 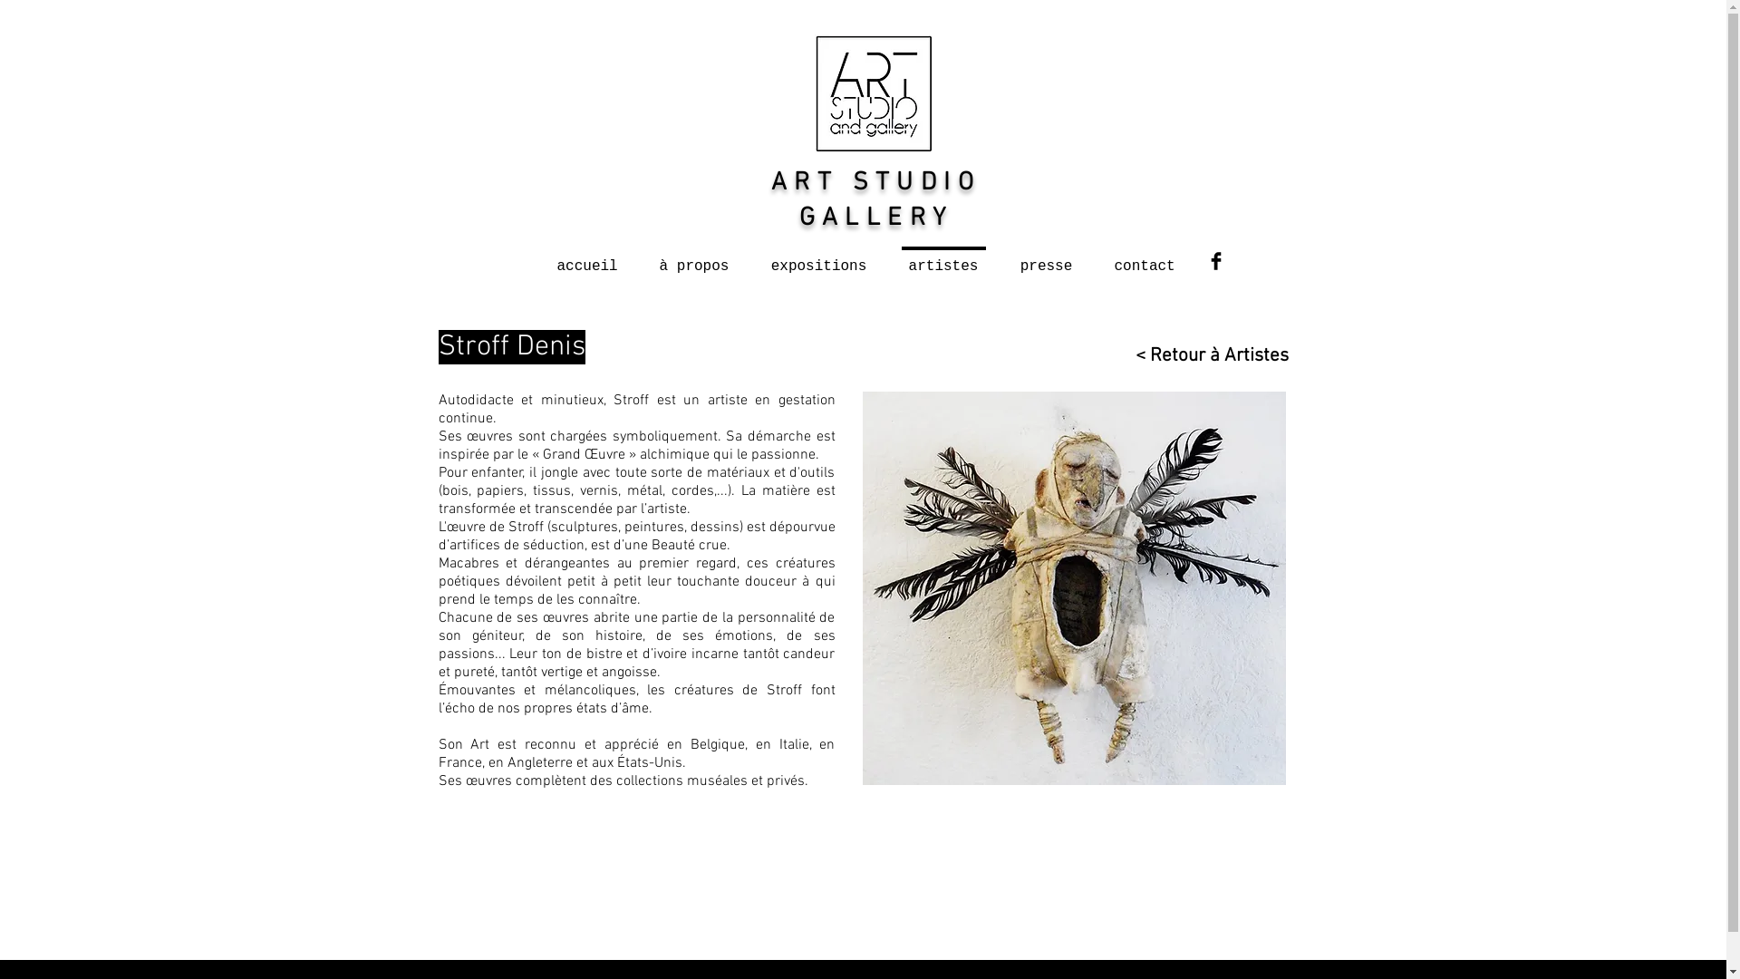 I want to click on 'GALLERY', so click(x=875, y=217).